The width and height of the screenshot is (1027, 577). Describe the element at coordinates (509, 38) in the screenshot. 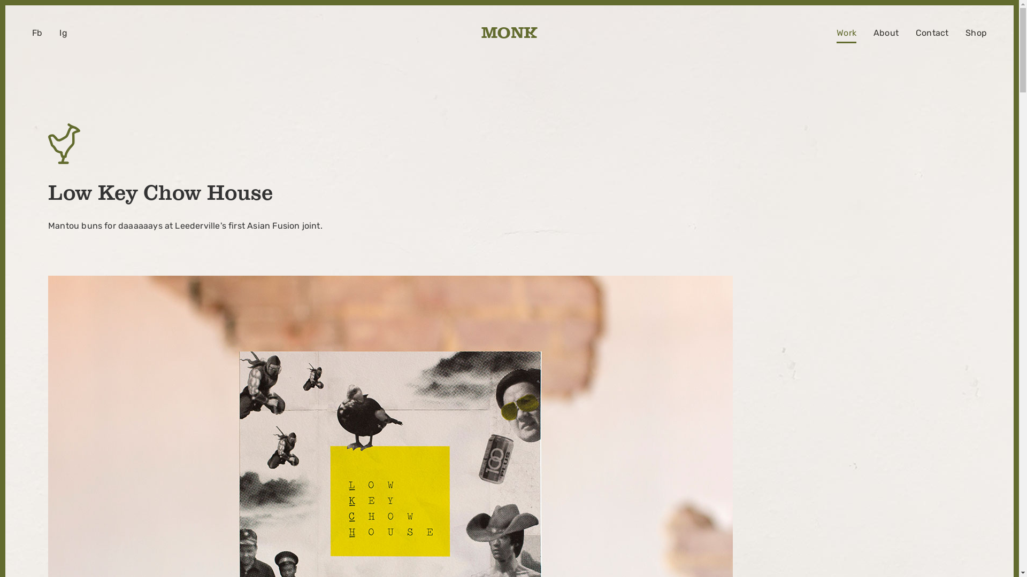

I see `'M` at that location.